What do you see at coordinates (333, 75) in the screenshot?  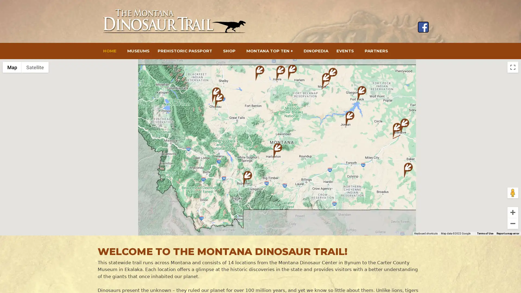 I see `Phillips County Museum` at bounding box center [333, 75].